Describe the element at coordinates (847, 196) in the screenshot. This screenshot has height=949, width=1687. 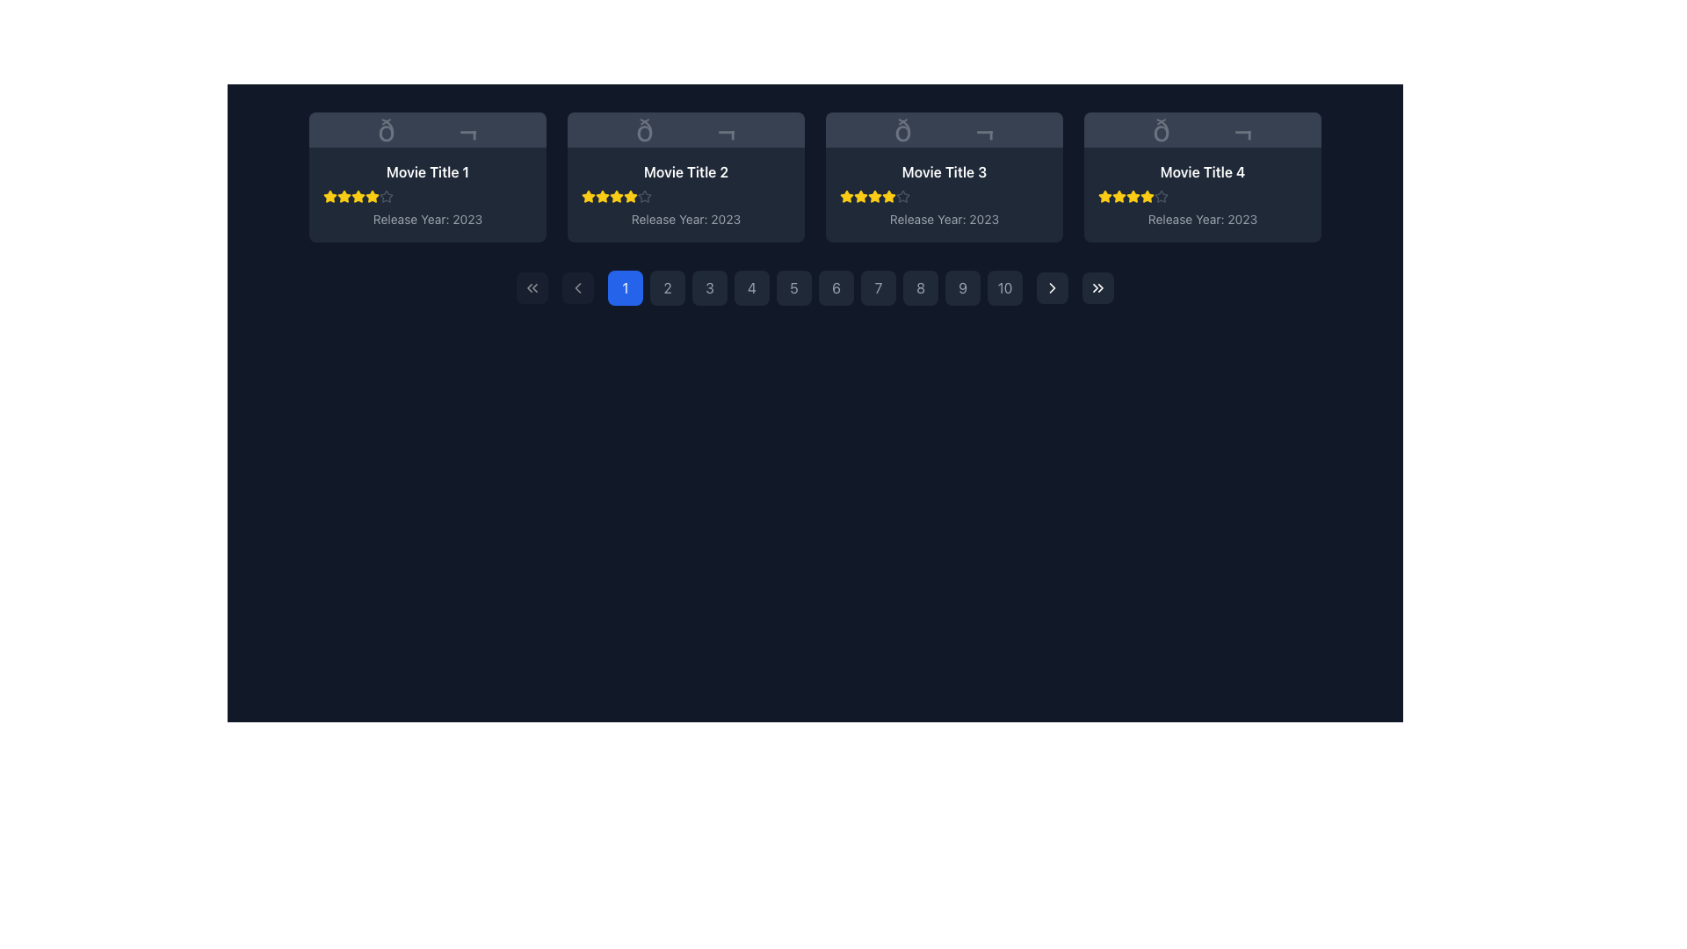
I see `the first Rating Star Icon located below 'Movie Title 3'` at that location.